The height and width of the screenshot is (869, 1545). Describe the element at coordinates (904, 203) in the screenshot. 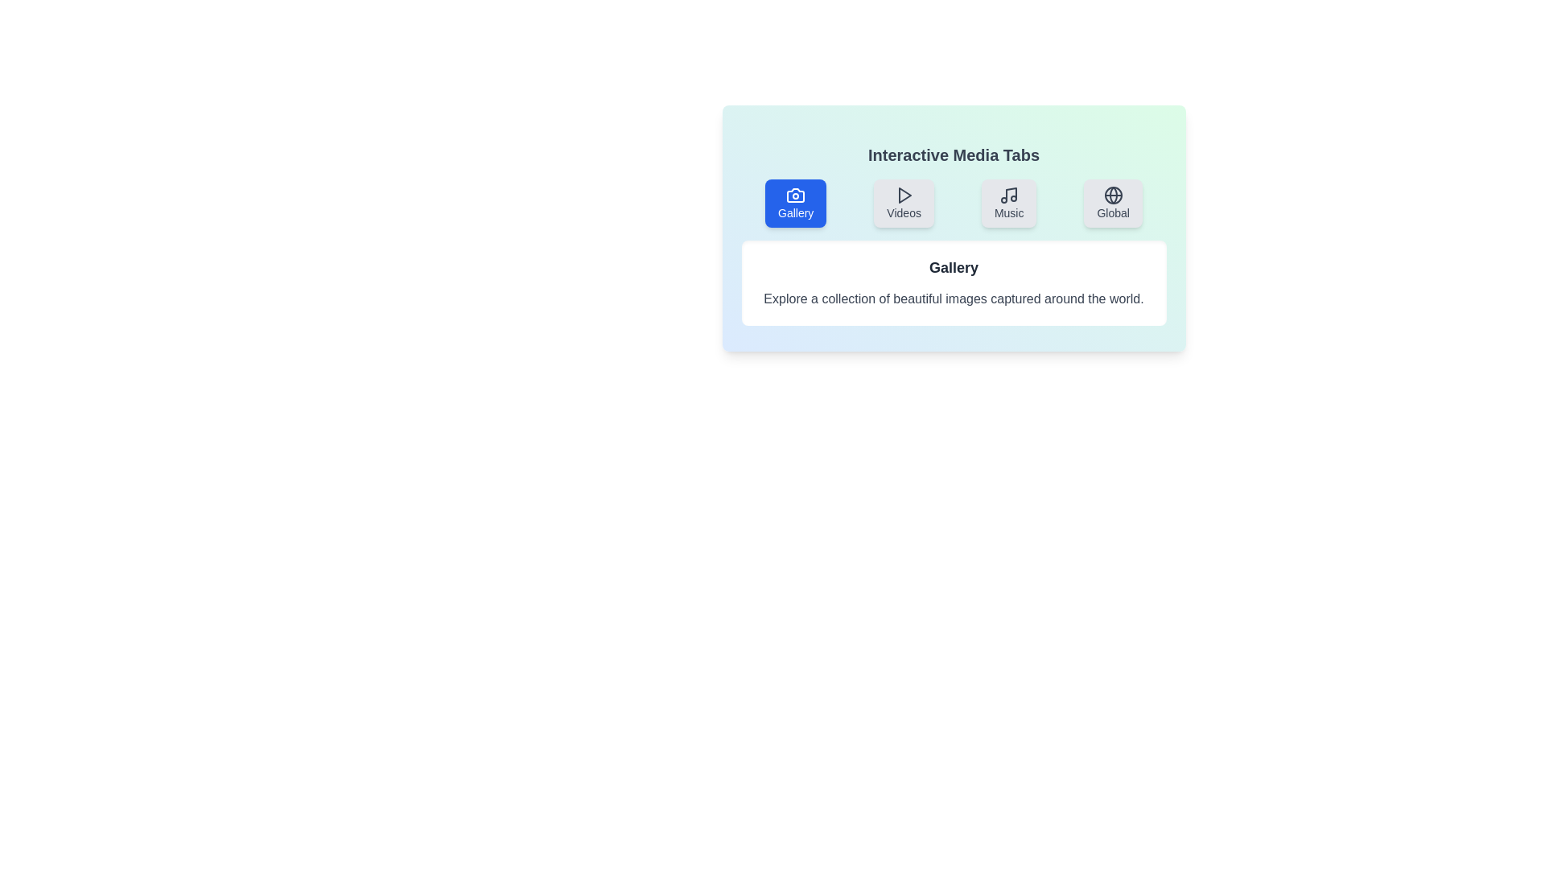

I see `the tab labeled 'Videos'` at that location.